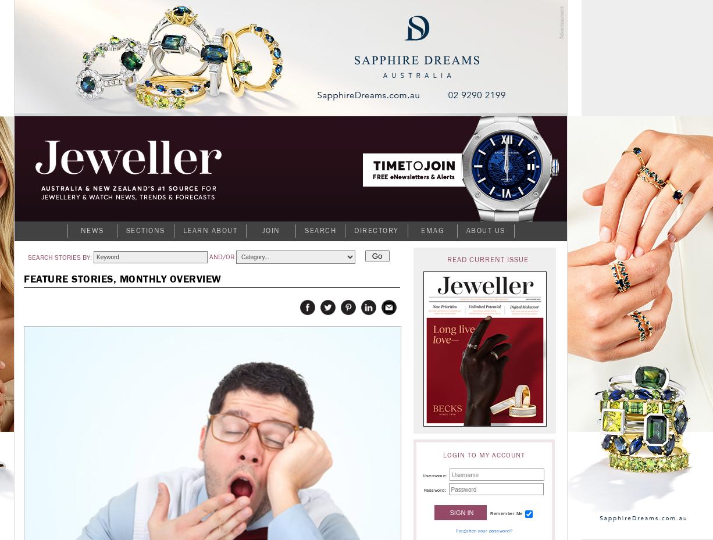 The width and height of the screenshot is (713, 540). What do you see at coordinates (432, 230) in the screenshot?
I see `'eMag'` at bounding box center [432, 230].